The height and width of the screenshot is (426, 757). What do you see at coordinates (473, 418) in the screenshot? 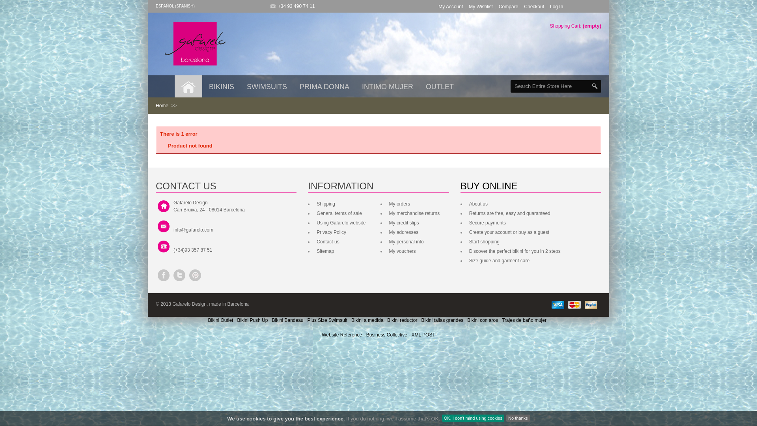
I see `'OK, I don't mind using cookies'` at bounding box center [473, 418].